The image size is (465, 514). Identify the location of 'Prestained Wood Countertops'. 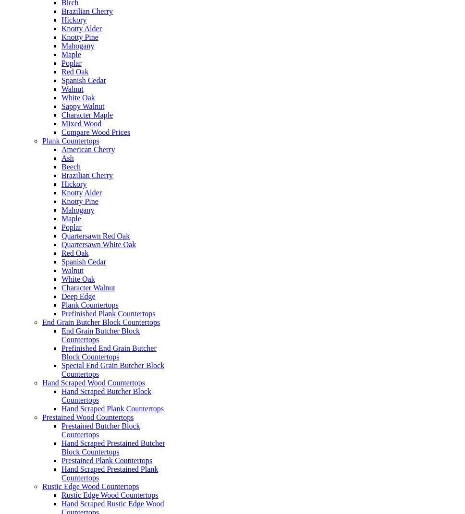
(87, 417).